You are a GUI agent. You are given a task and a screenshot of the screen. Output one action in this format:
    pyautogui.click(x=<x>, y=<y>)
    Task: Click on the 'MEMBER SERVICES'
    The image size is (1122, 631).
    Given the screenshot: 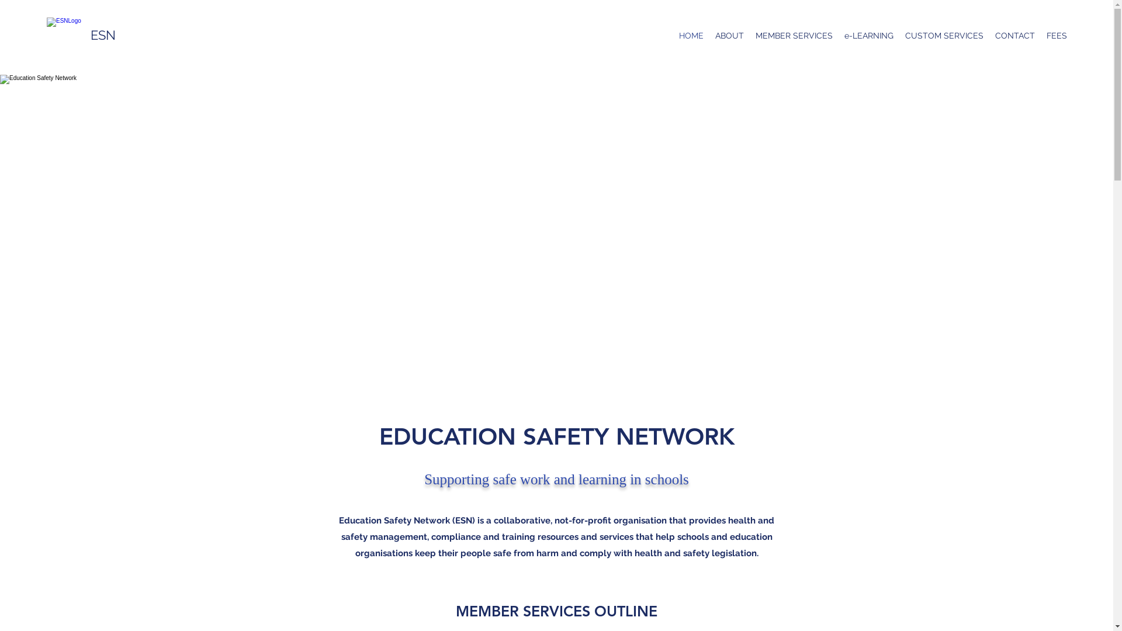 What is the action you would take?
    pyautogui.click(x=794, y=35)
    